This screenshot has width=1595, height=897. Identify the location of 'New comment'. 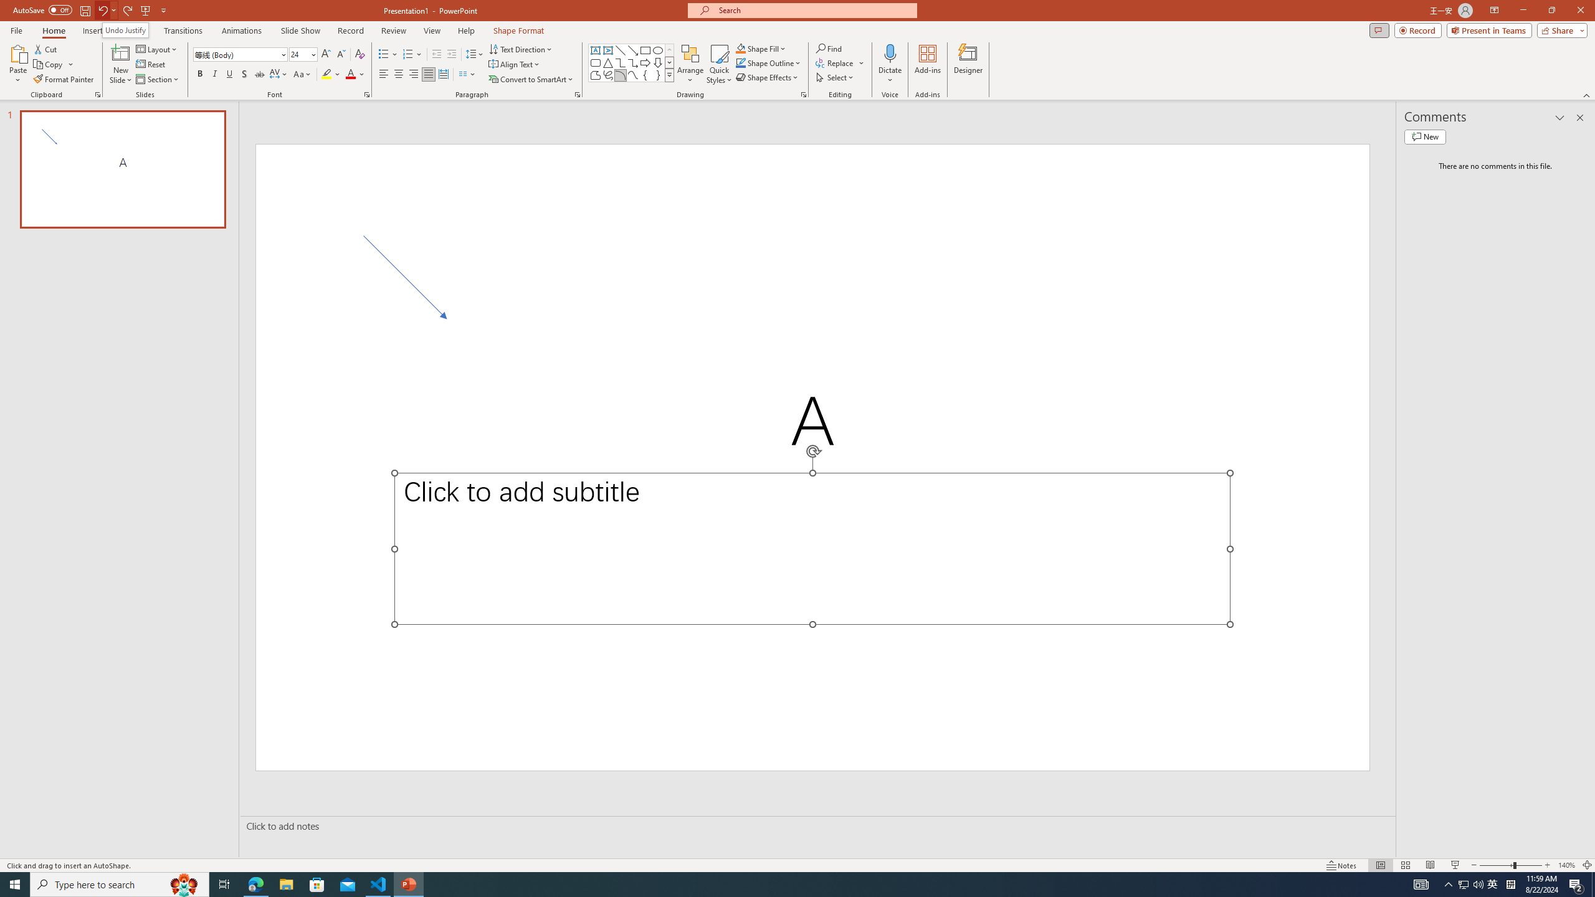
(1424, 136).